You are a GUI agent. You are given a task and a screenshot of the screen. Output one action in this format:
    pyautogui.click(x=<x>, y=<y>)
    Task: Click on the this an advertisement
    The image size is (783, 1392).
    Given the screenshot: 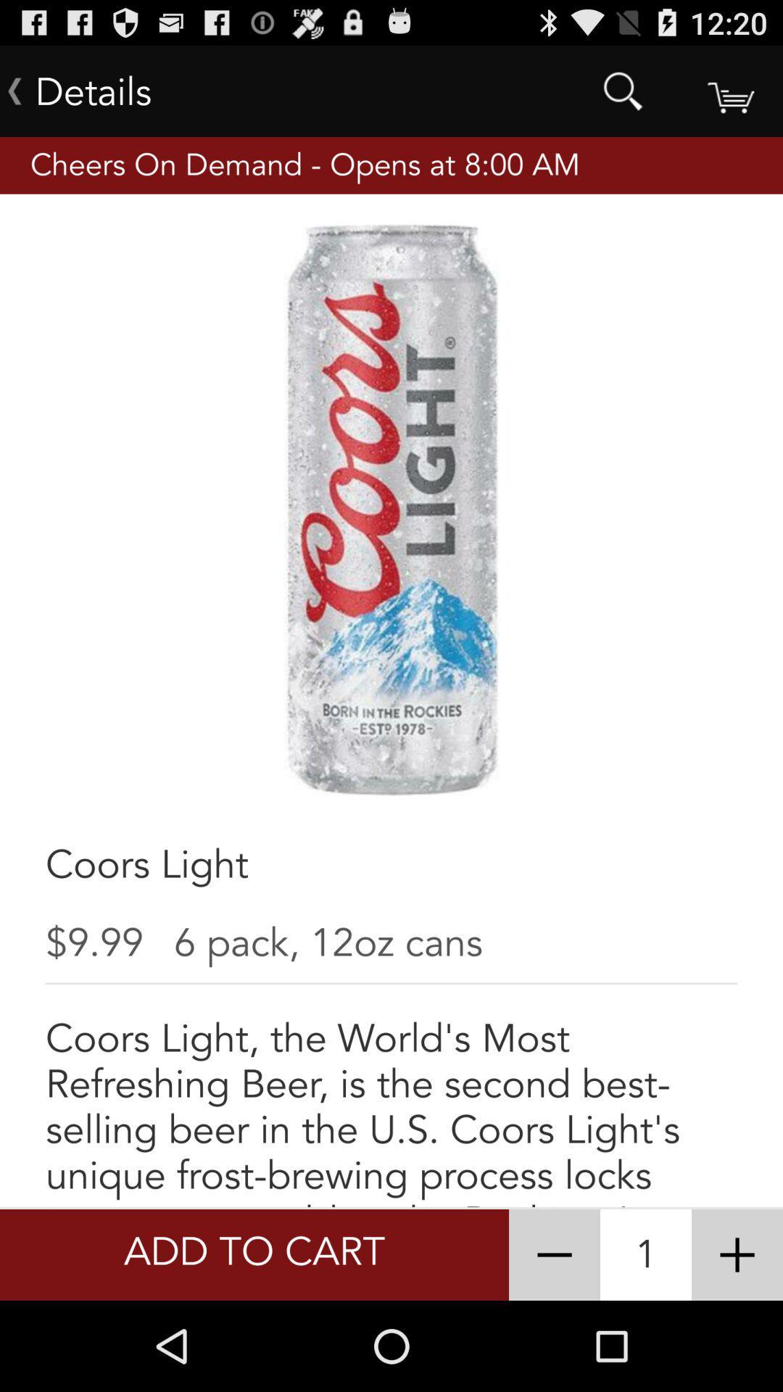 What is the action you would take?
    pyautogui.click(x=737, y=1254)
    